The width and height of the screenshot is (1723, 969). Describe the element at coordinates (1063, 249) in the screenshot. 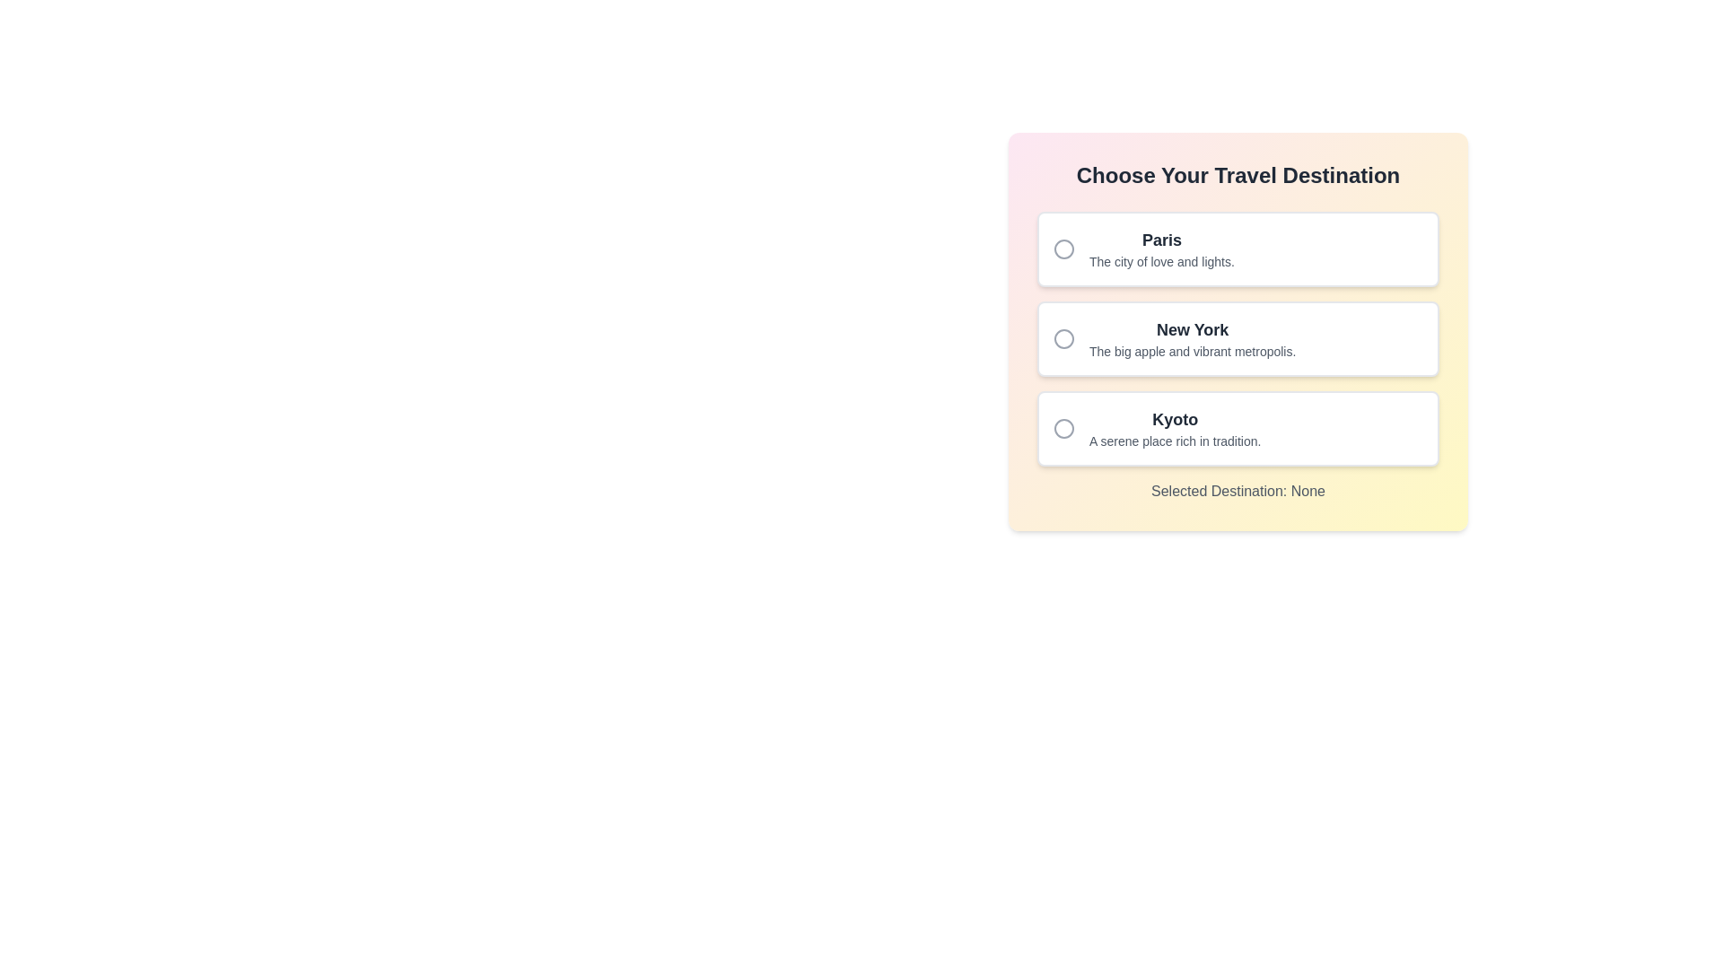

I see `the radio button located to the left of the label 'Paris'` at that location.